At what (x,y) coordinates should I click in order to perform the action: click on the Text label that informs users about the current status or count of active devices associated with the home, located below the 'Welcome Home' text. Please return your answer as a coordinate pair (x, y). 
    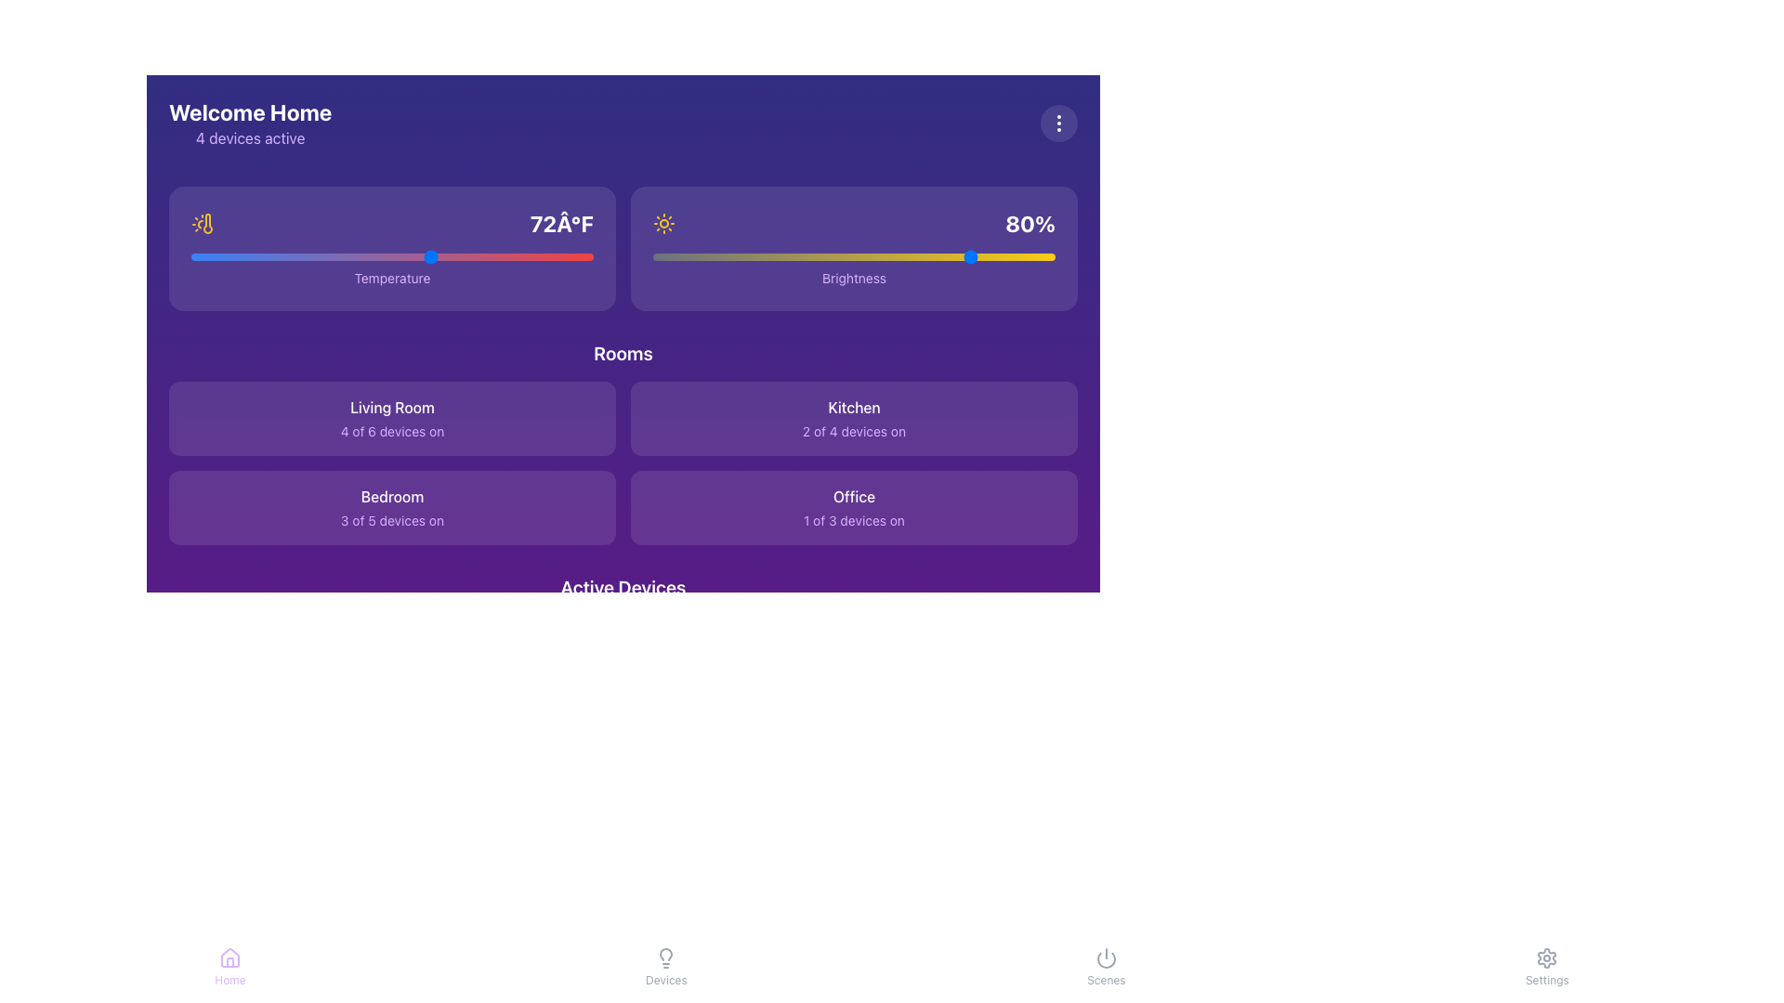
    Looking at the image, I should click on (249, 137).